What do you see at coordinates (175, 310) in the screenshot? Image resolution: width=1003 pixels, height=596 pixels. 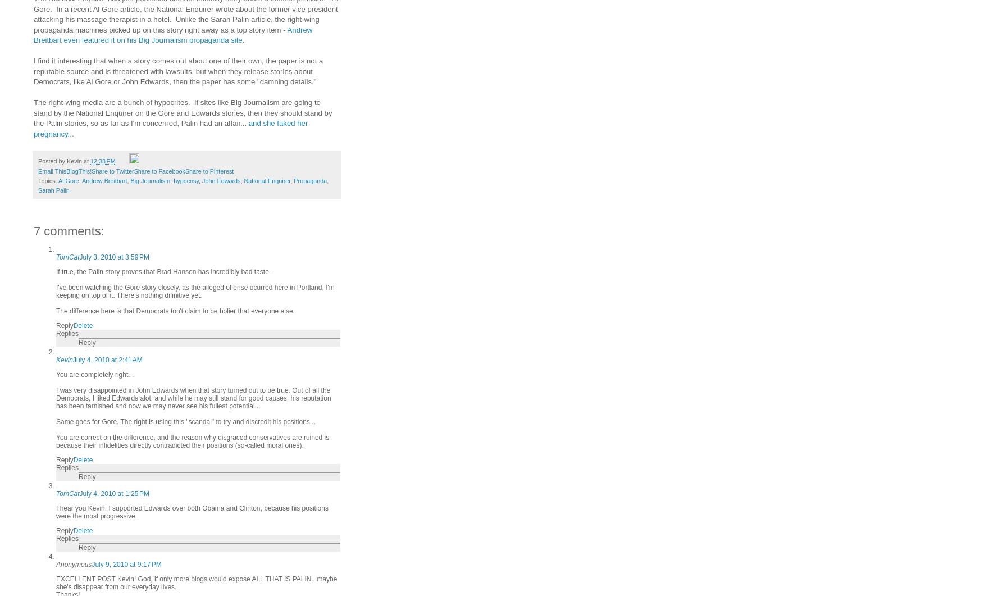 I see `'The difference here is that Democrats ton't claim to be holier that everyone else.'` at bounding box center [175, 310].